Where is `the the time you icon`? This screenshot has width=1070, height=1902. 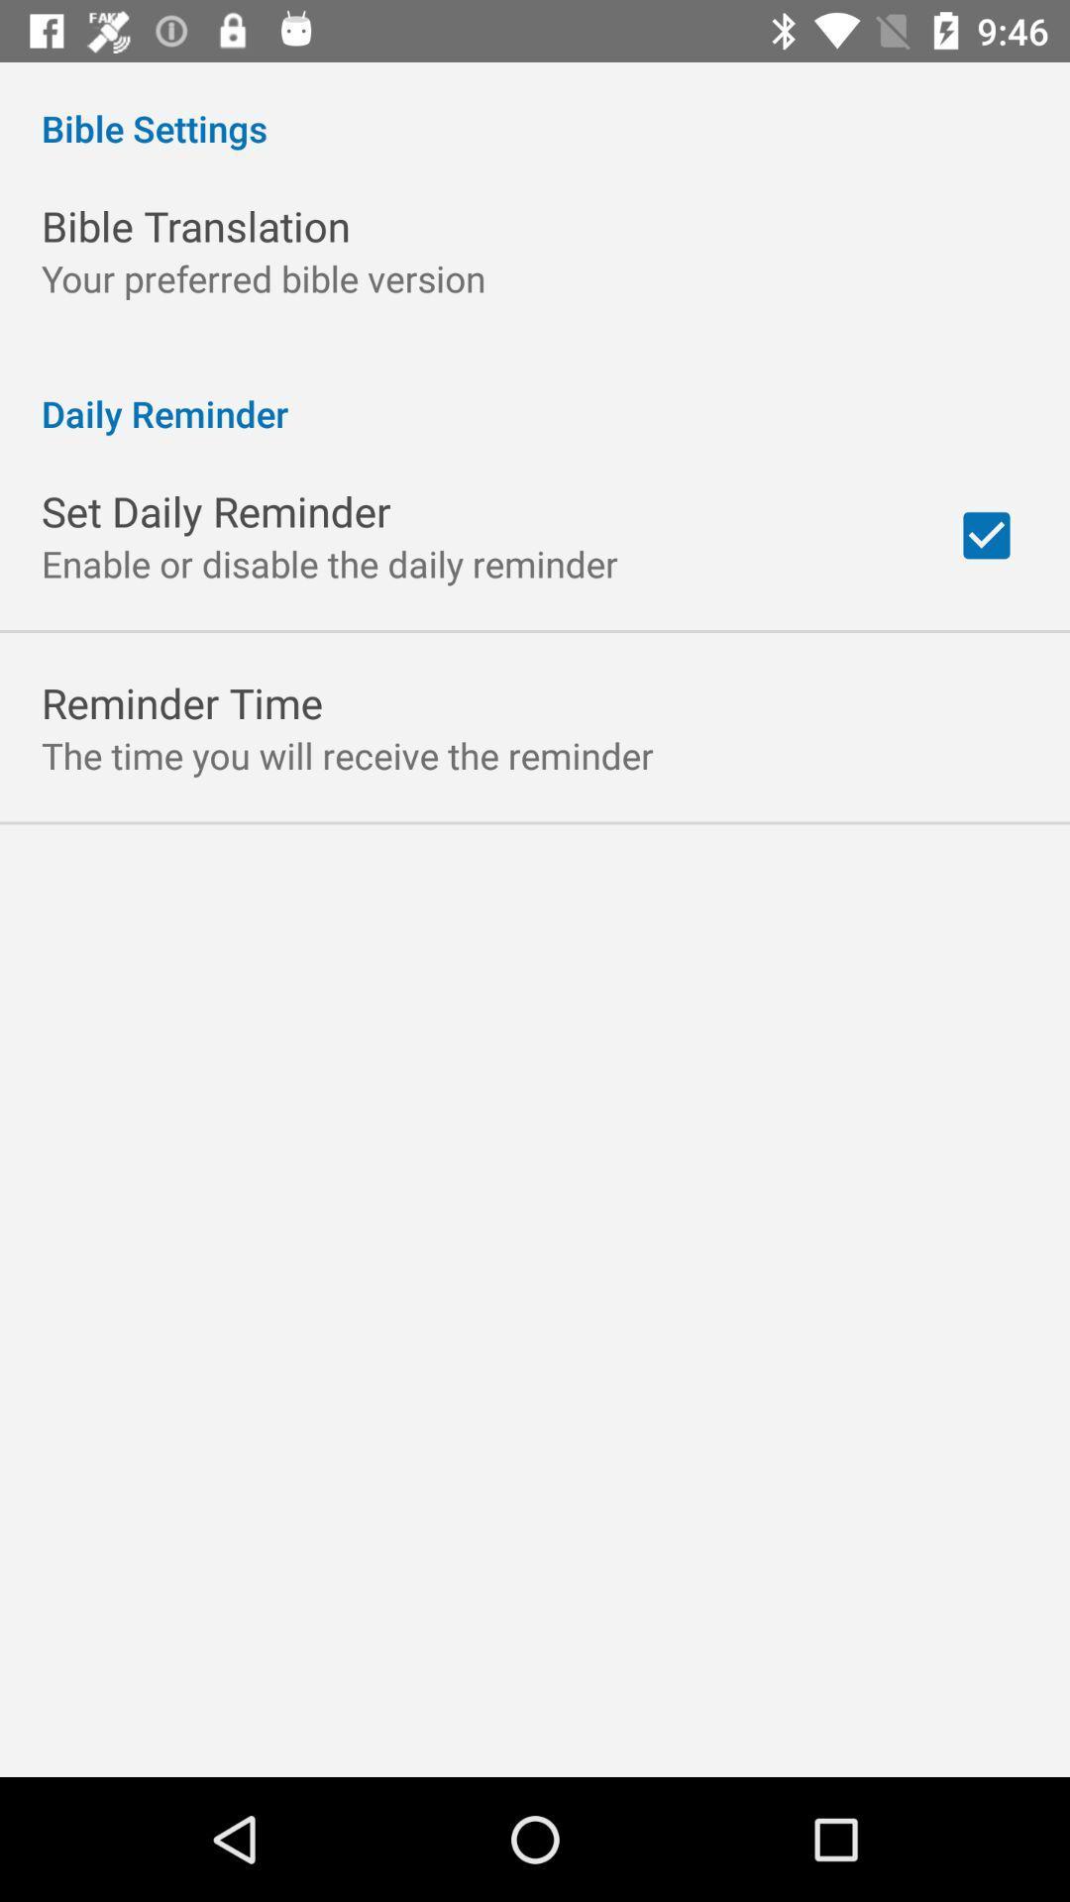
the the time you icon is located at coordinates (347, 754).